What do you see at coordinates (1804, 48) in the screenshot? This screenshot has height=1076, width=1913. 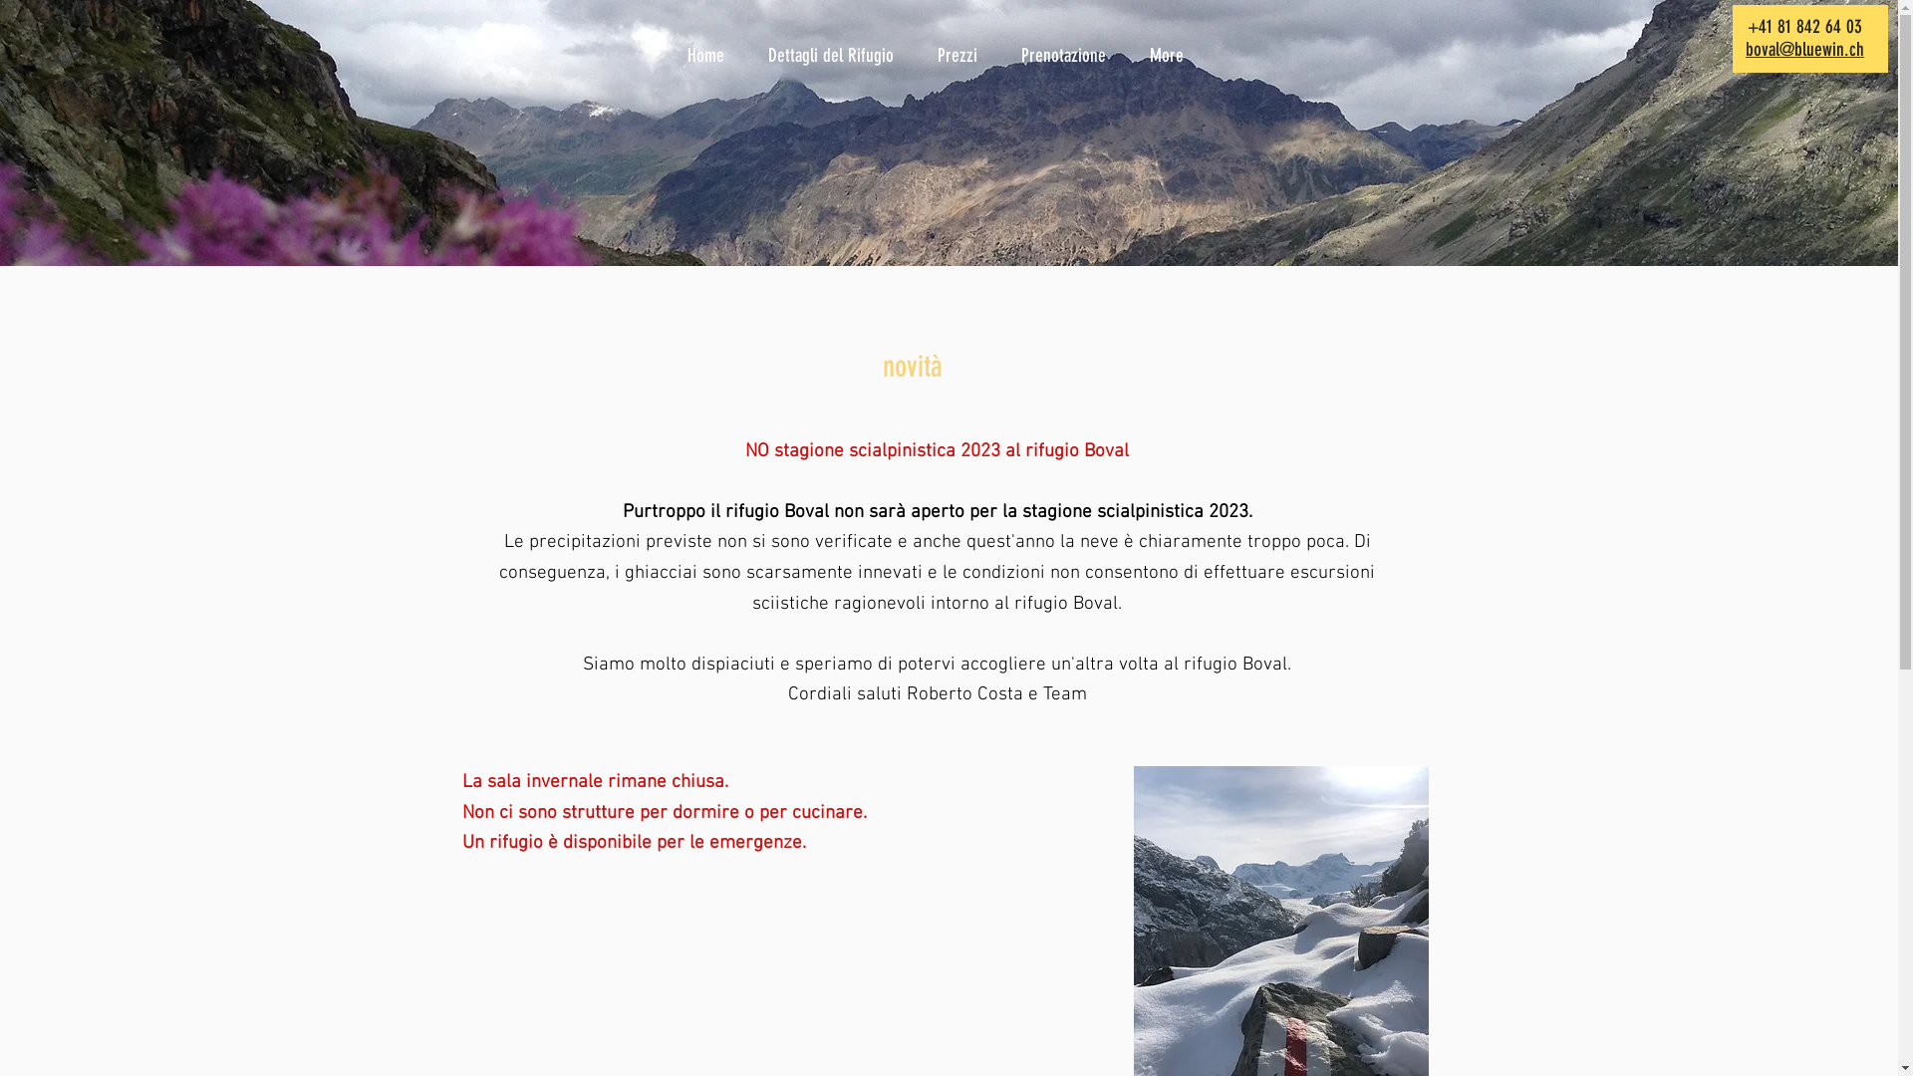 I see `'boval@bluewin.ch'` at bounding box center [1804, 48].